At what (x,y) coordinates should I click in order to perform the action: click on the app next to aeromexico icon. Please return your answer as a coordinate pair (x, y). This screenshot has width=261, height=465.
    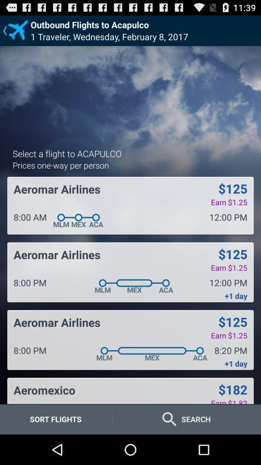
    Looking at the image, I should click on (232, 389).